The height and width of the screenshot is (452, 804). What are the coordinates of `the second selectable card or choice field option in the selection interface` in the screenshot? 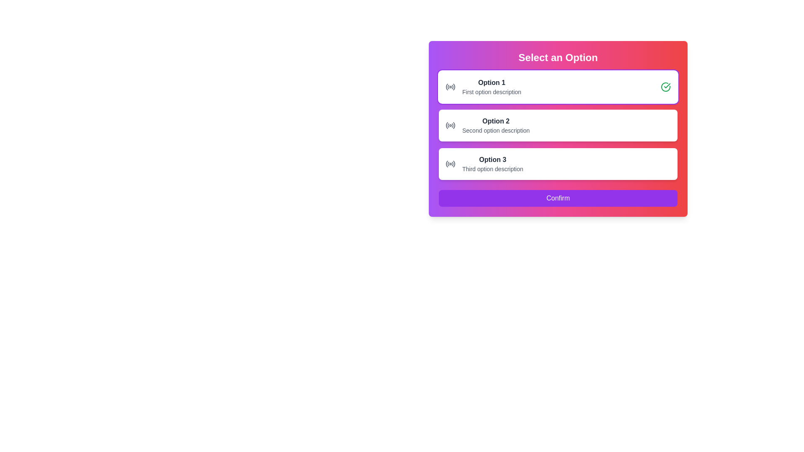 It's located at (558, 139).